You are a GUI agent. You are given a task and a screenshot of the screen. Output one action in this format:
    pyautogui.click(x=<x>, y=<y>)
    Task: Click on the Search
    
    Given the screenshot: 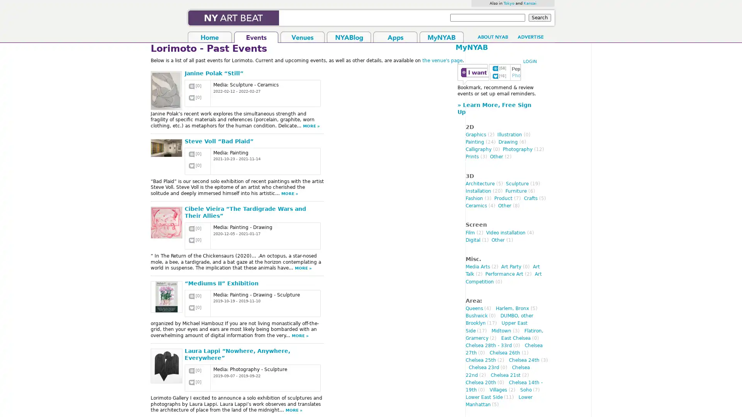 What is the action you would take?
    pyautogui.click(x=539, y=17)
    